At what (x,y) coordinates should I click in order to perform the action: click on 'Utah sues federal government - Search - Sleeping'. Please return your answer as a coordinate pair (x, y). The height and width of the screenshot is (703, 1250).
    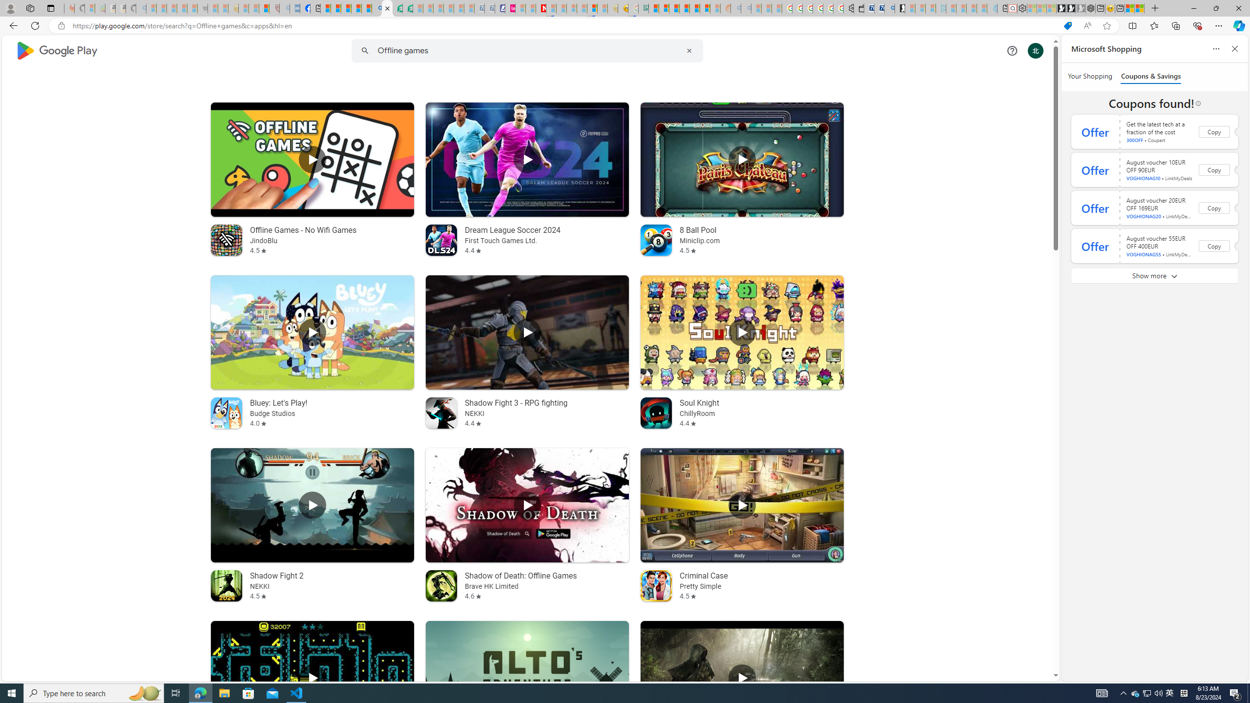
    Looking at the image, I should click on (745, 8).